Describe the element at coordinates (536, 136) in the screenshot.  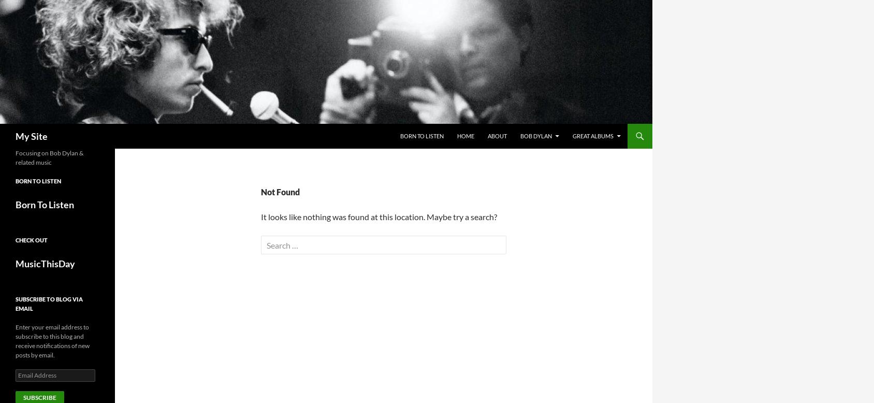
I see `'Bob Dylan'` at that location.